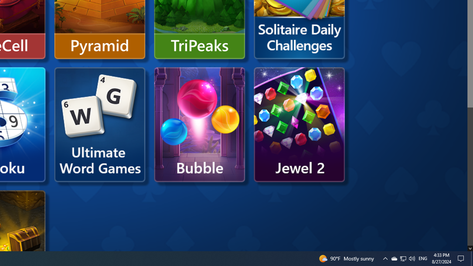 The height and width of the screenshot is (266, 473). What do you see at coordinates (423, 258) in the screenshot?
I see `'Tray Input Indicator - English (United States)'` at bounding box center [423, 258].